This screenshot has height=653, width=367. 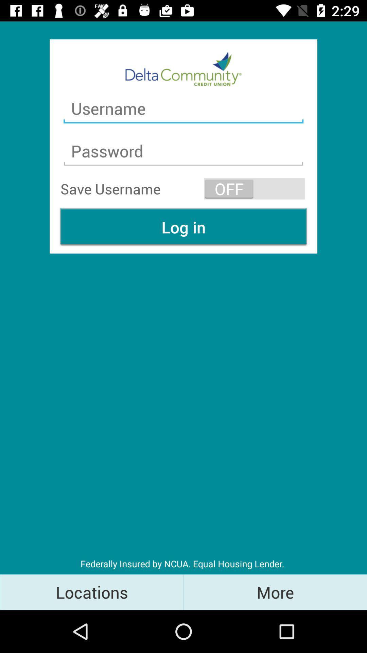 What do you see at coordinates (183, 227) in the screenshot?
I see `the log in icon` at bounding box center [183, 227].